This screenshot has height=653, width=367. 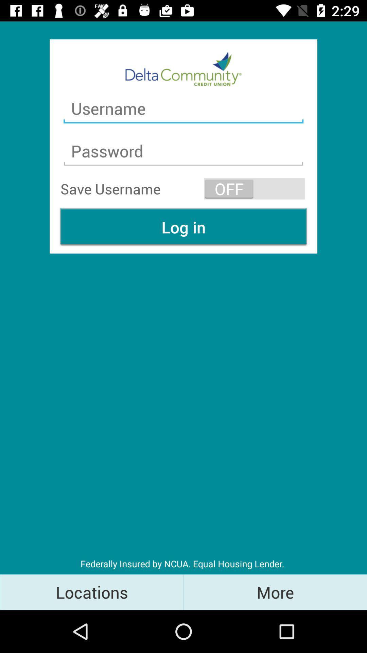 What do you see at coordinates (183, 227) in the screenshot?
I see `the log in icon` at bounding box center [183, 227].